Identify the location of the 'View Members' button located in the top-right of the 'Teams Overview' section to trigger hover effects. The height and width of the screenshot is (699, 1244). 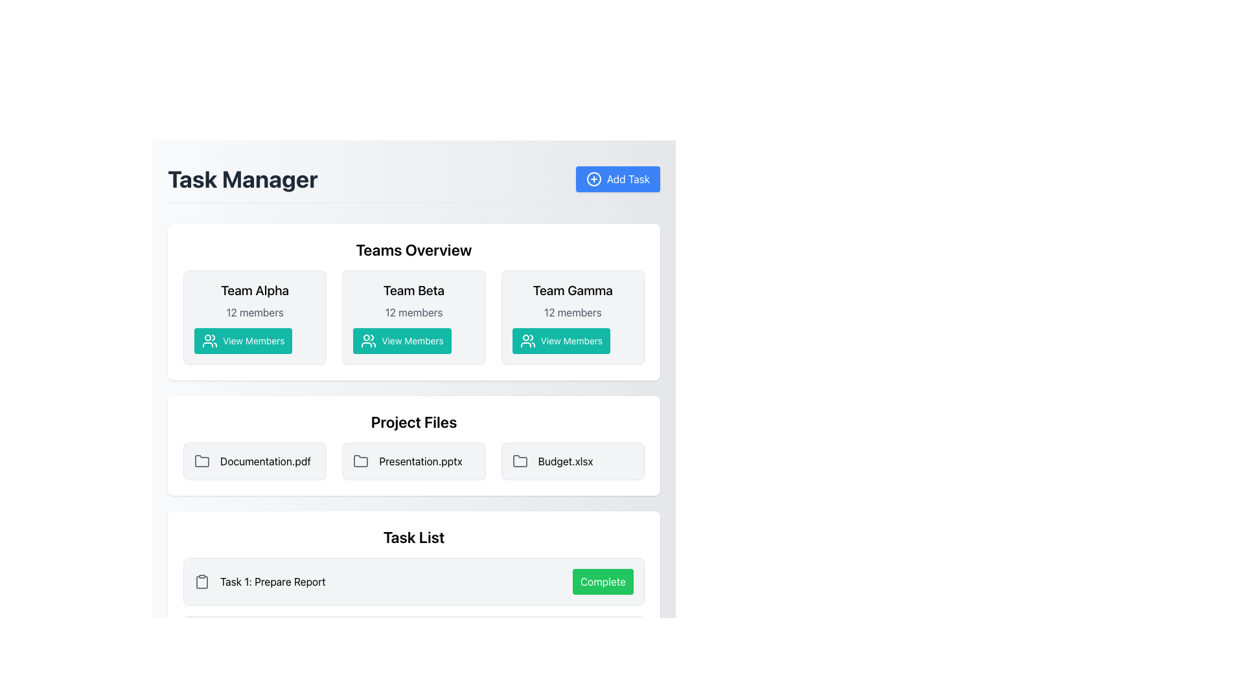
(561, 340).